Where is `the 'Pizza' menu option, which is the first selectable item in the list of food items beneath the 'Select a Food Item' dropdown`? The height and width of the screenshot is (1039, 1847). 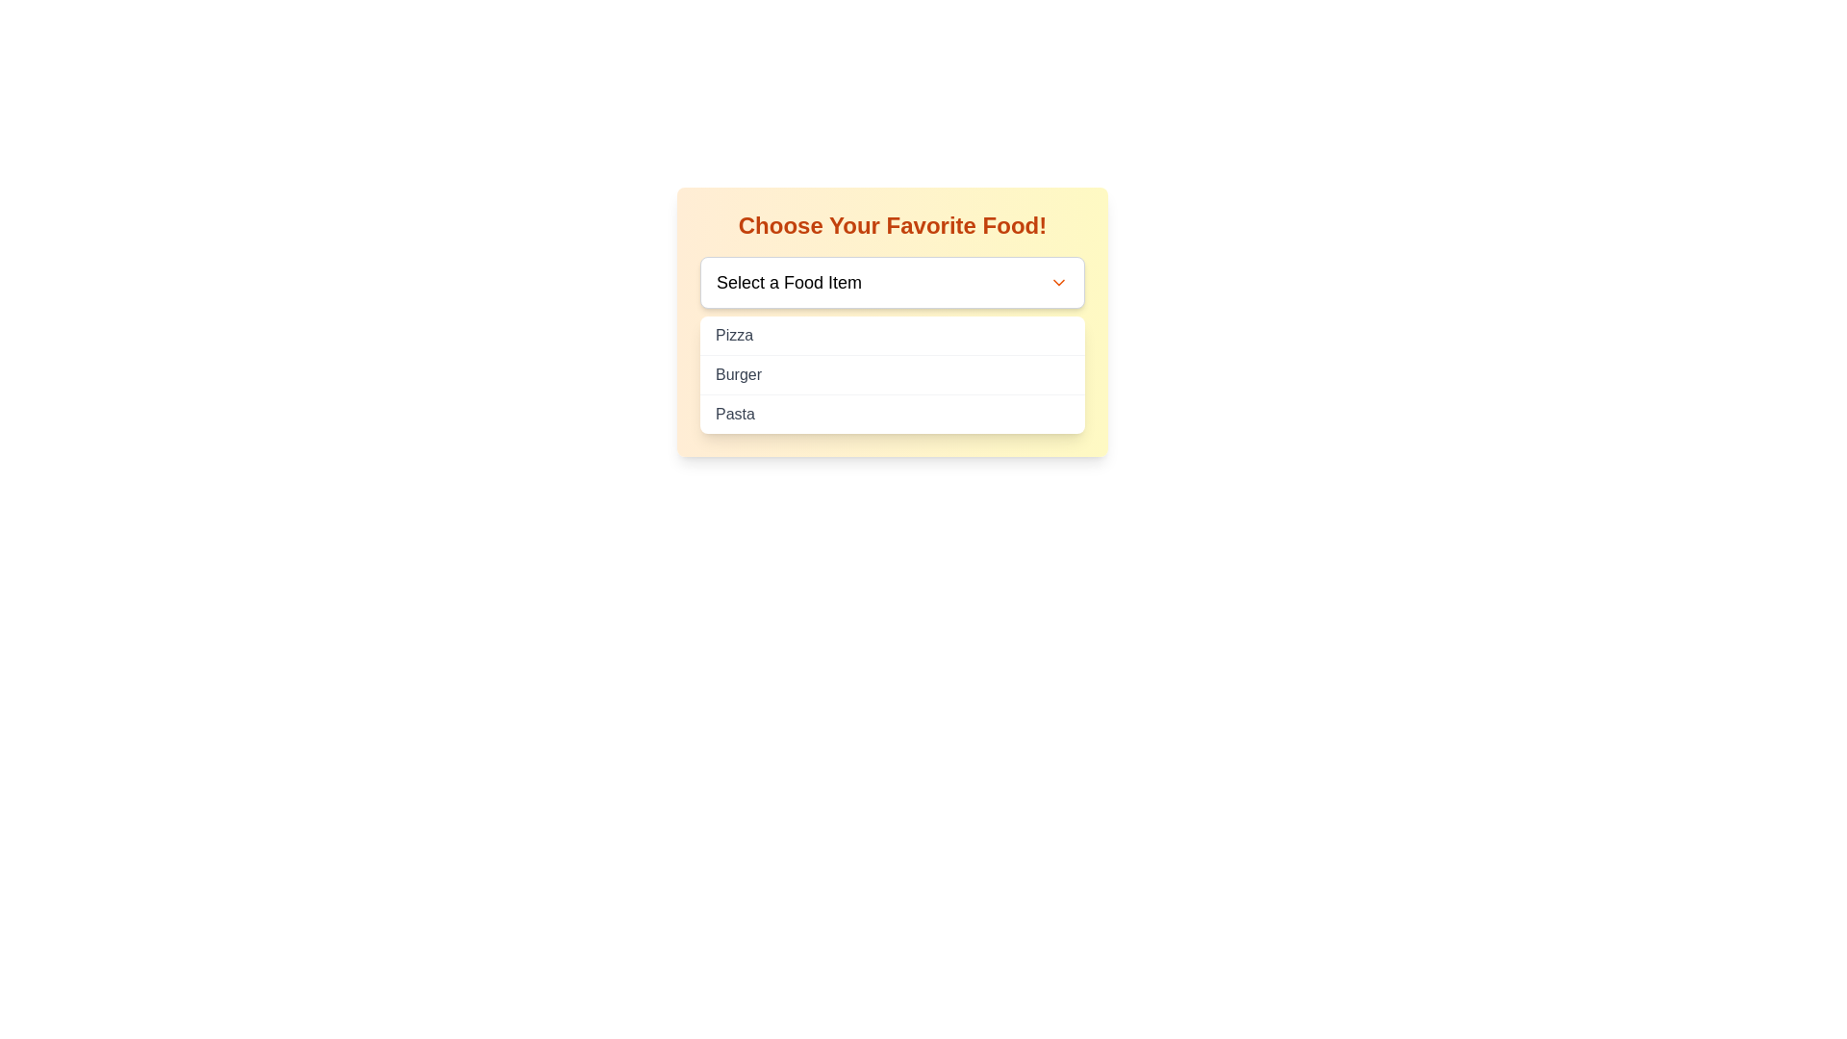 the 'Pizza' menu option, which is the first selectable item in the list of food items beneath the 'Select a Food Item' dropdown is located at coordinates (891, 334).